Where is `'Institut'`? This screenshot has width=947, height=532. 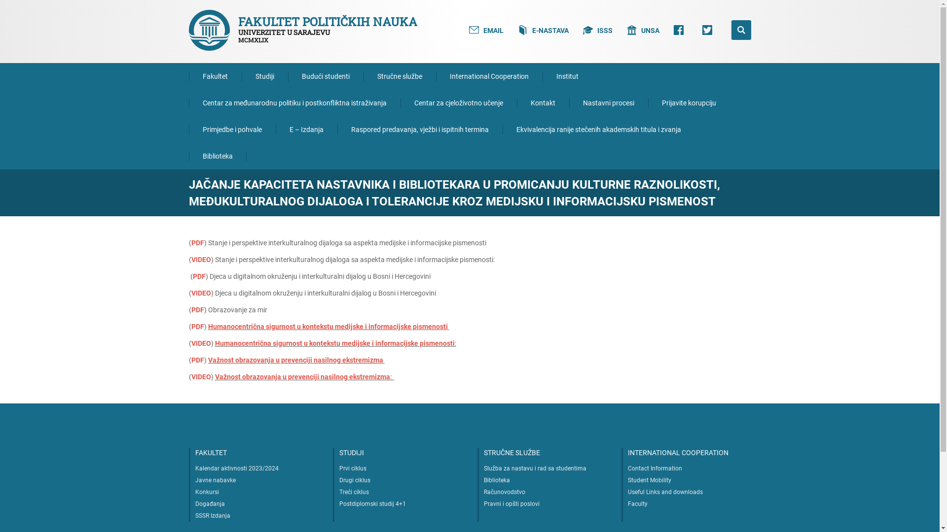 'Institut' is located at coordinates (567, 75).